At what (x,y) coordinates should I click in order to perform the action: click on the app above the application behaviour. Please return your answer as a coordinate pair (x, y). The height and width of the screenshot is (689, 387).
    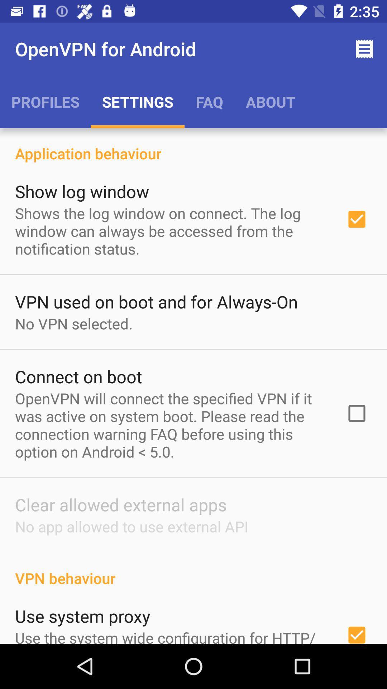
    Looking at the image, I should click on (271, 101).